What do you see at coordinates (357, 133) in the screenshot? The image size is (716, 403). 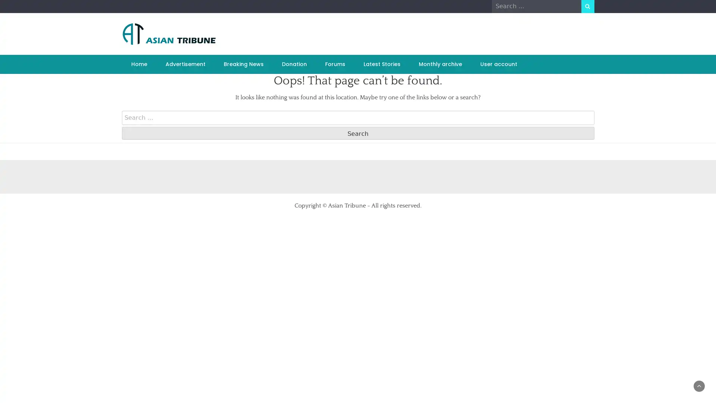 I see `Search` at bounding box center [357, 133].